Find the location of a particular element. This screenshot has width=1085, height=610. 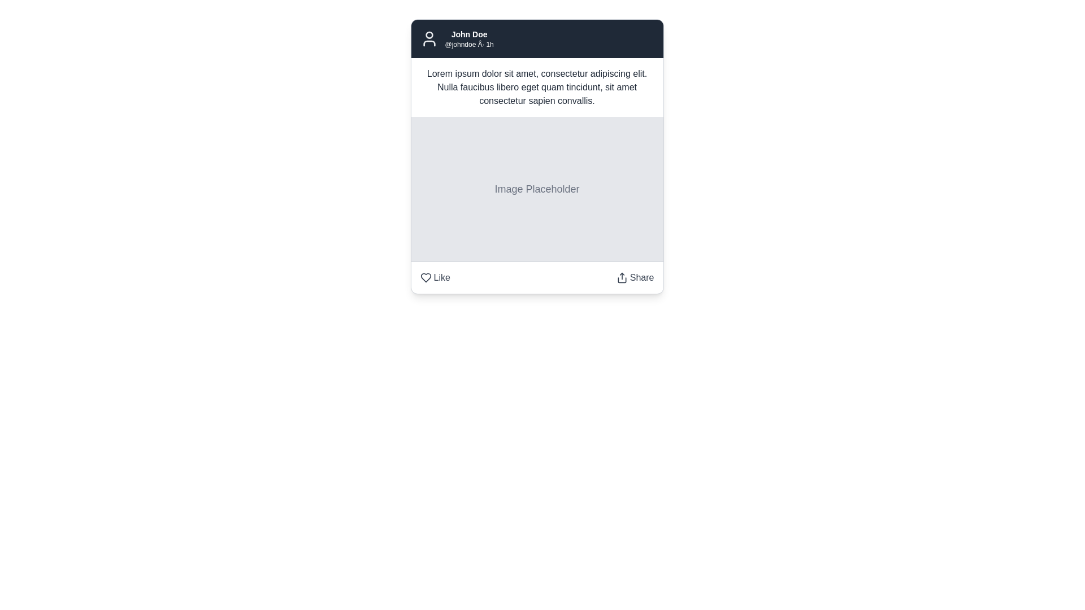

the share icon, which resembles an upward-pointing arrow emerging from a box, to initiate a share action is located at coordinates (621, 278).